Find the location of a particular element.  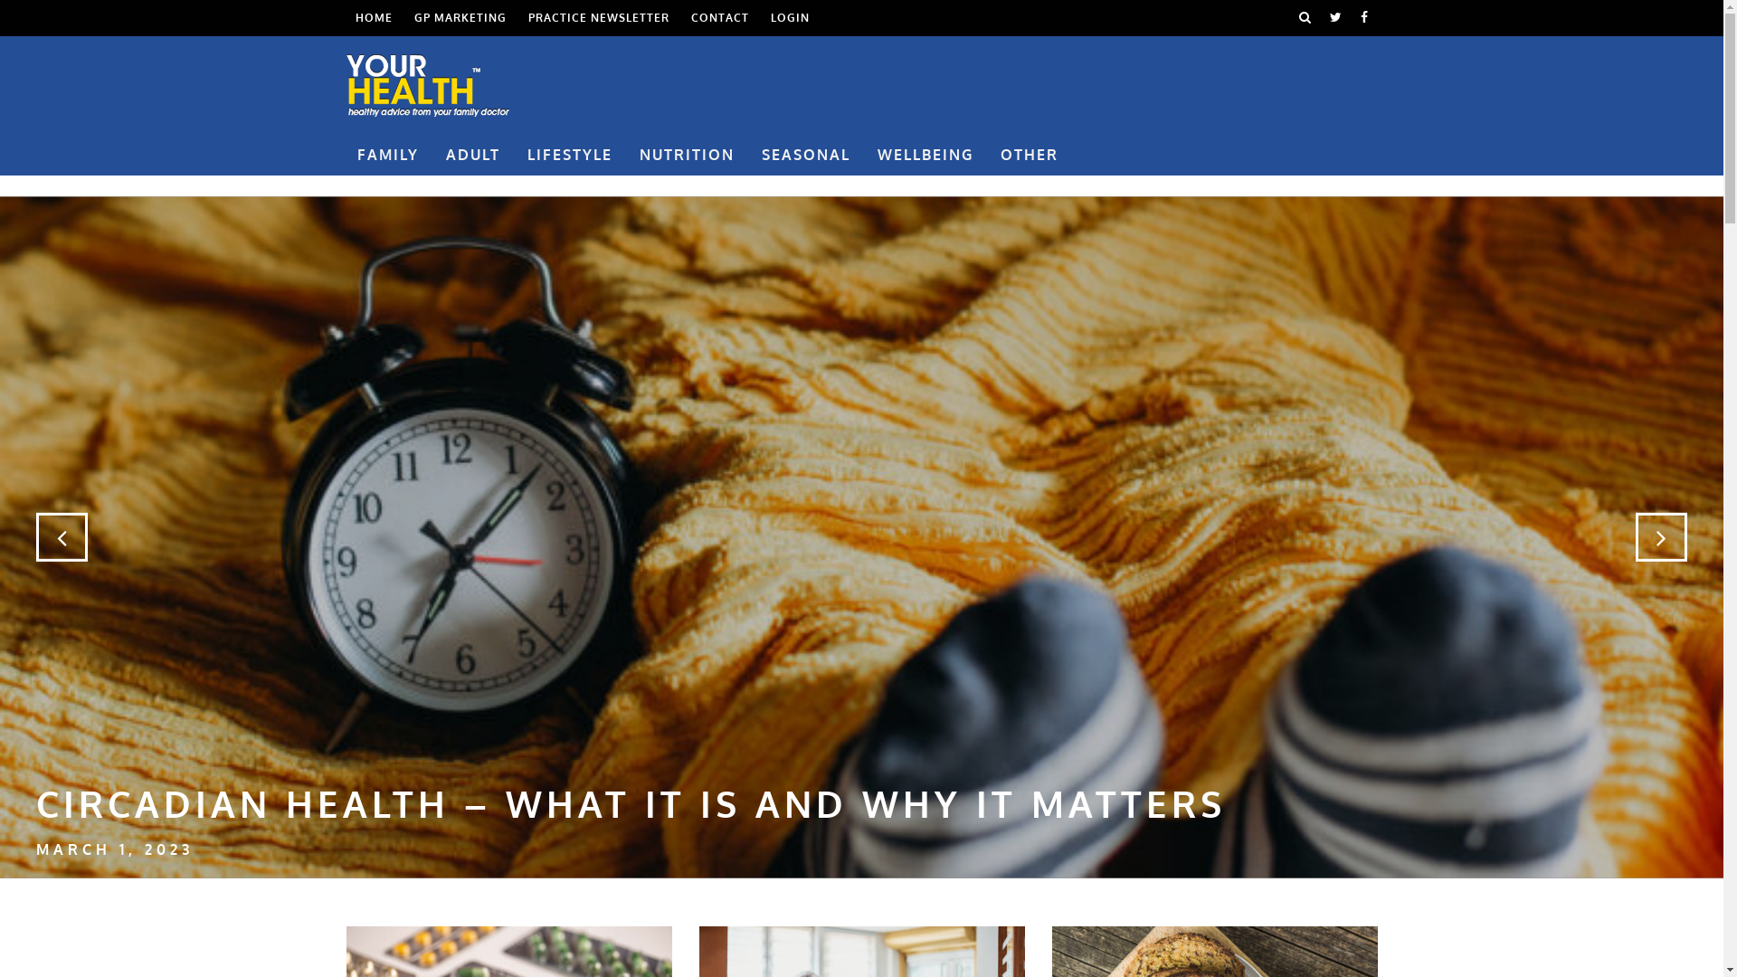

'HOME' is located at coordinates (372, 17).